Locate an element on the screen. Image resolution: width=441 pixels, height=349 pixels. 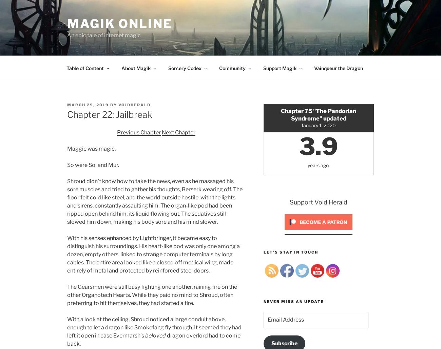
'Magik Online' is located at coordinates (119, 24).